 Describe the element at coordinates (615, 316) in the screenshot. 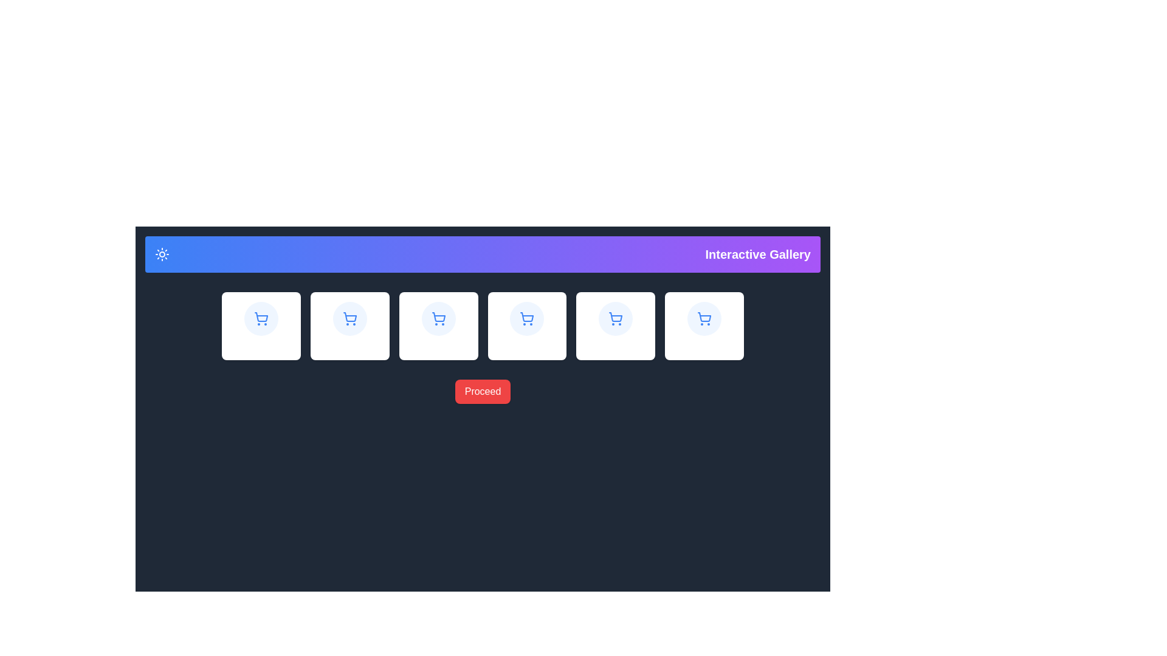

I see `the shopping cart icon, which is the fourth icon in a horizontally aligned list of similar icons, displayed in a circular blue background` at that location.